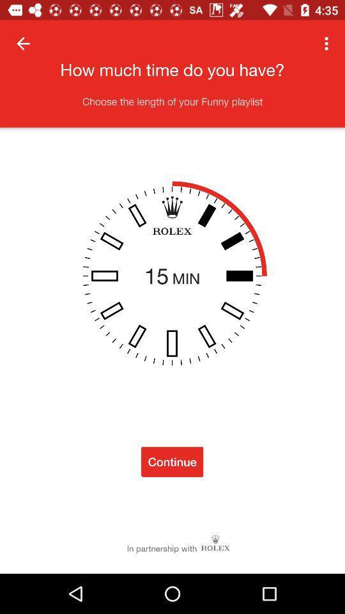 The image size is (345, 614). Describe the element at coordinates (172, 461) in the screenshot. I see `continue item` at that location.